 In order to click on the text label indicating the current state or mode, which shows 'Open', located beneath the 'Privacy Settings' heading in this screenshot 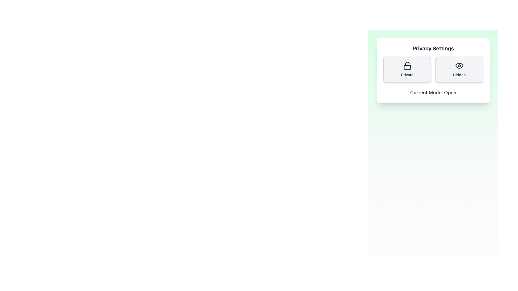, I will do `click(433, 92)`.